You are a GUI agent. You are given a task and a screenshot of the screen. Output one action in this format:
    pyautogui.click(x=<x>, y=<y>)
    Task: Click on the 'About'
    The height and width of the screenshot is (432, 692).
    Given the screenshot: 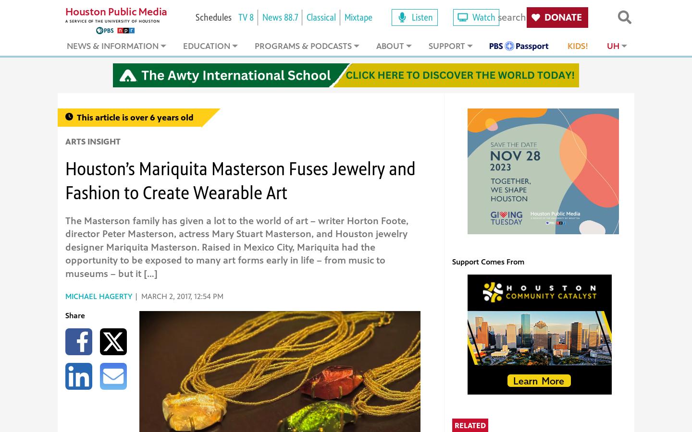 What is the action you would take?
    pyautogui.click(x=390, y=46)
    